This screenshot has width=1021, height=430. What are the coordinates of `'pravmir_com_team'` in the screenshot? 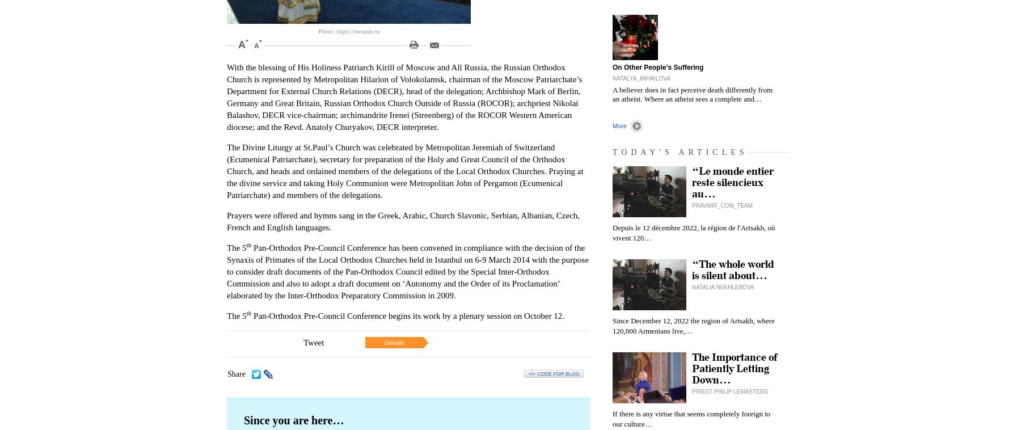 It's located at (722, 205).